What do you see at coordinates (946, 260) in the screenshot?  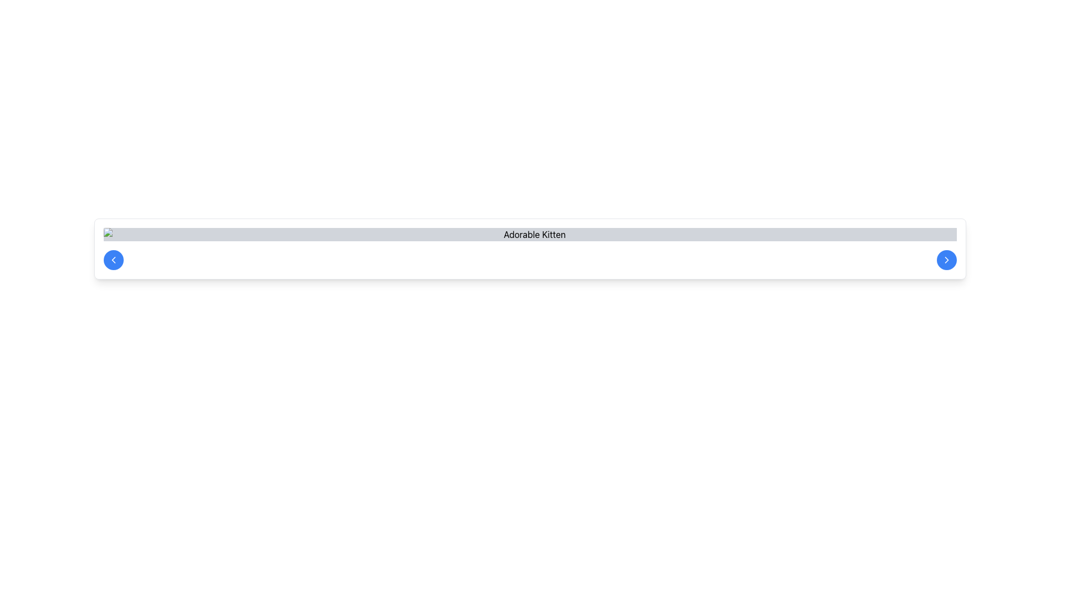 I see `the circular blue button with a white chevron pointing right, located on the far-right side of the interface` at bounding box center [946, 260].